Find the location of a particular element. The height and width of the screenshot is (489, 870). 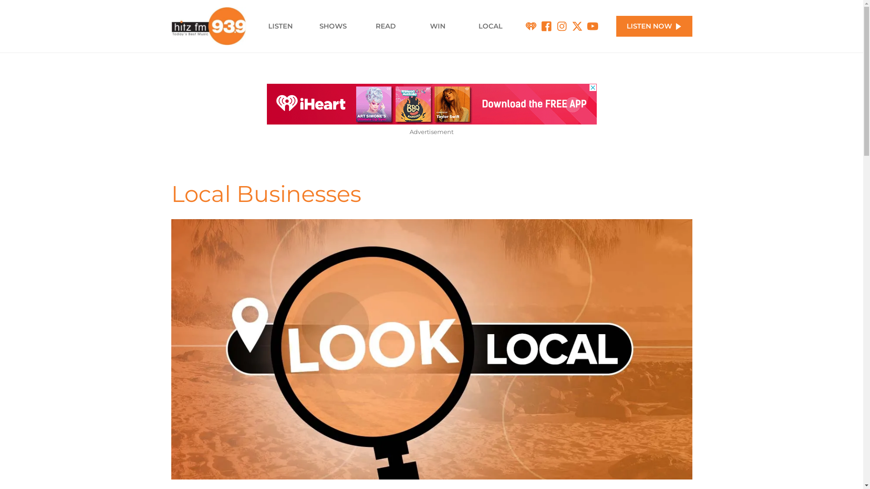

'READ' is located at coordinates (358, 25).